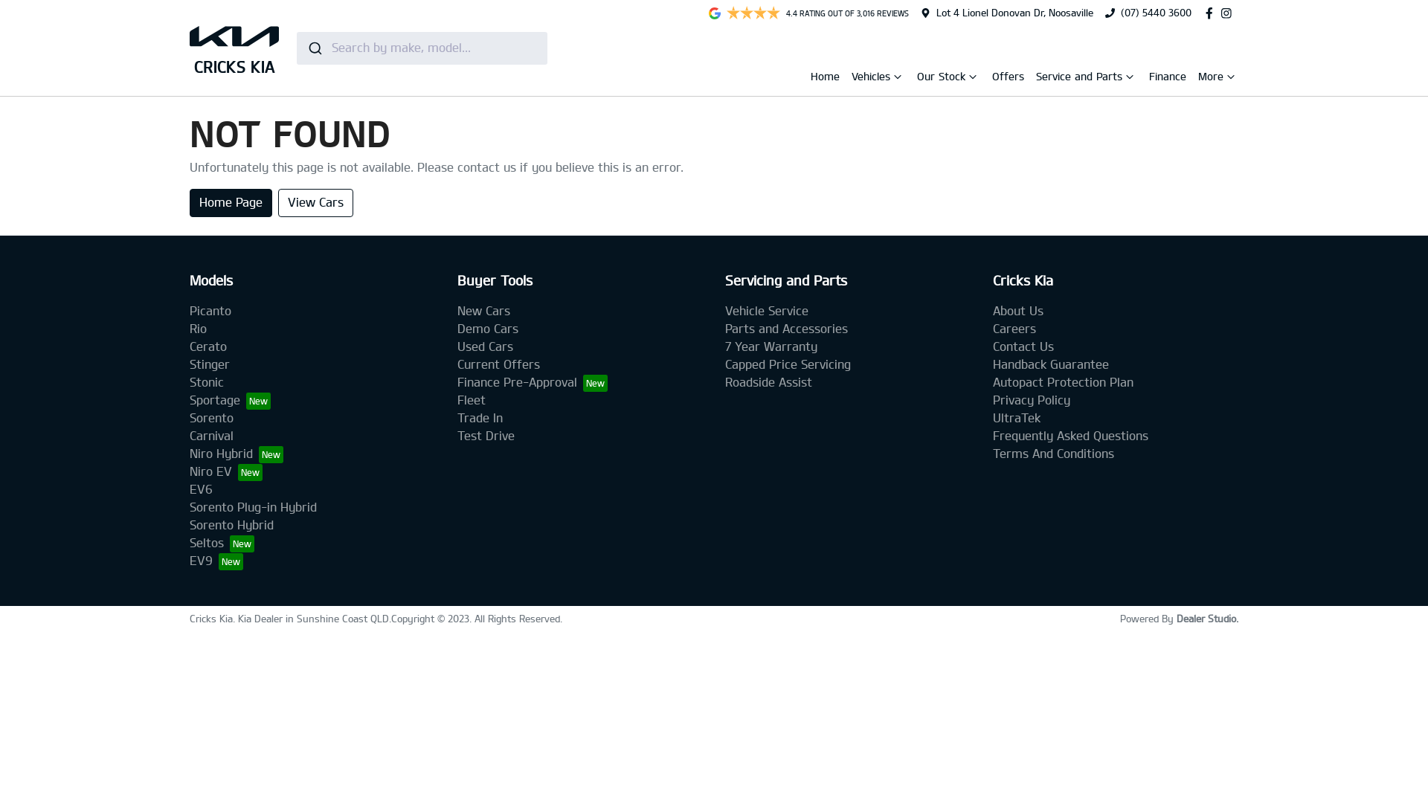  What do you see at coordinates (230, 203) in the screenshot?
I see `'Home Page'` at bounding box center [230, 203].